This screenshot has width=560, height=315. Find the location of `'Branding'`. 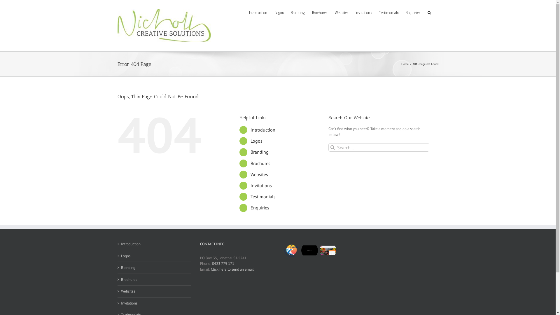

'Branding' is located at coordinates (259, 151).